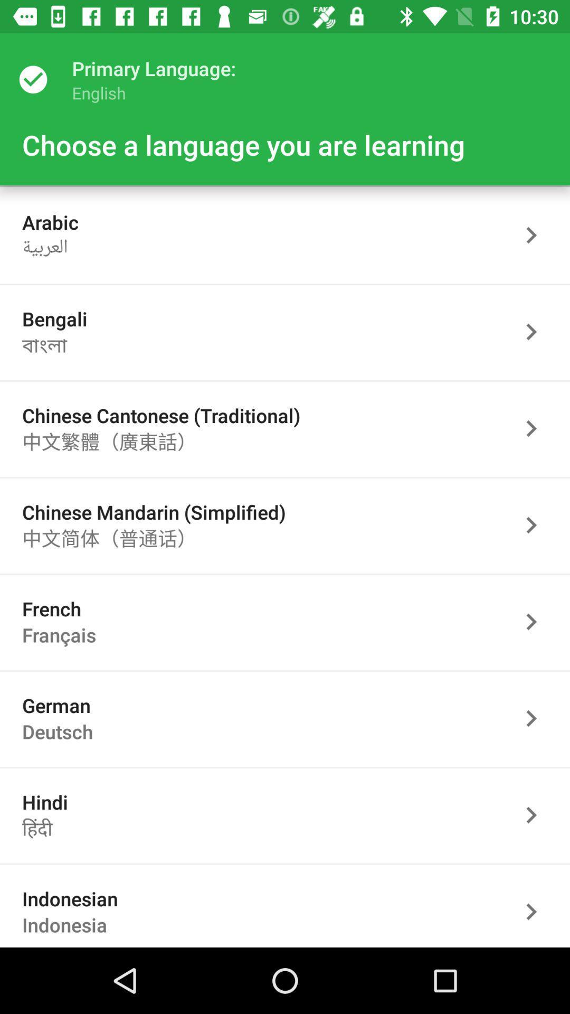 The width and height of the screenshot is (570, 1014). Describe the element at coordinates (537, 428) in the screenshot. I see `go forward` at that location.